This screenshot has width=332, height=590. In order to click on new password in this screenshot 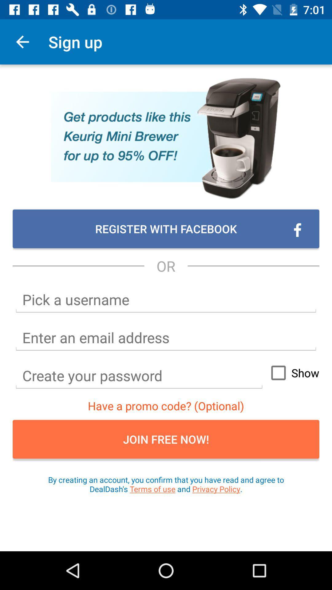, I will do `click(139, 376)`.